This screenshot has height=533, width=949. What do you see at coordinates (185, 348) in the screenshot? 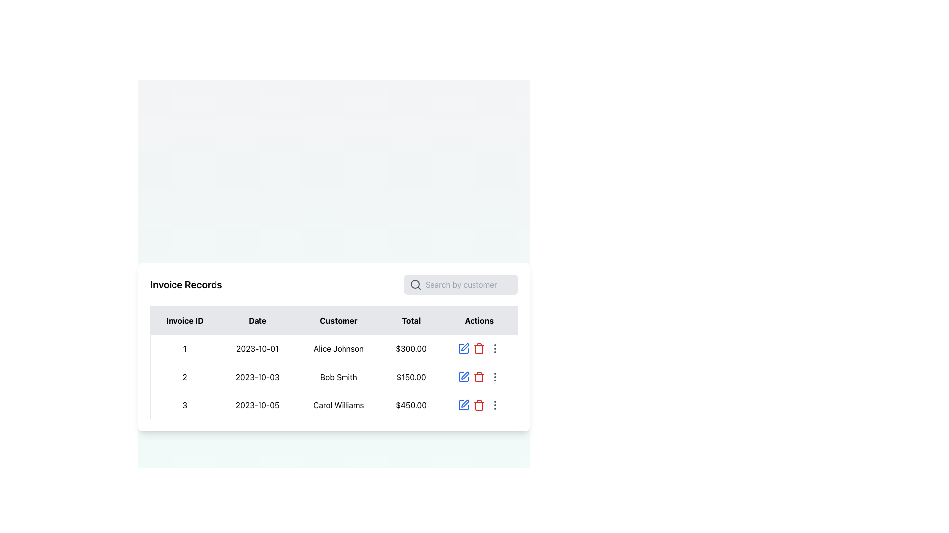
I see `displayed text of the Text Label that shows the unique identifier associated with an invoice entry in the first cell under the 'Invoice ID' header of the invoice record table` at bounding box center [185, 348].